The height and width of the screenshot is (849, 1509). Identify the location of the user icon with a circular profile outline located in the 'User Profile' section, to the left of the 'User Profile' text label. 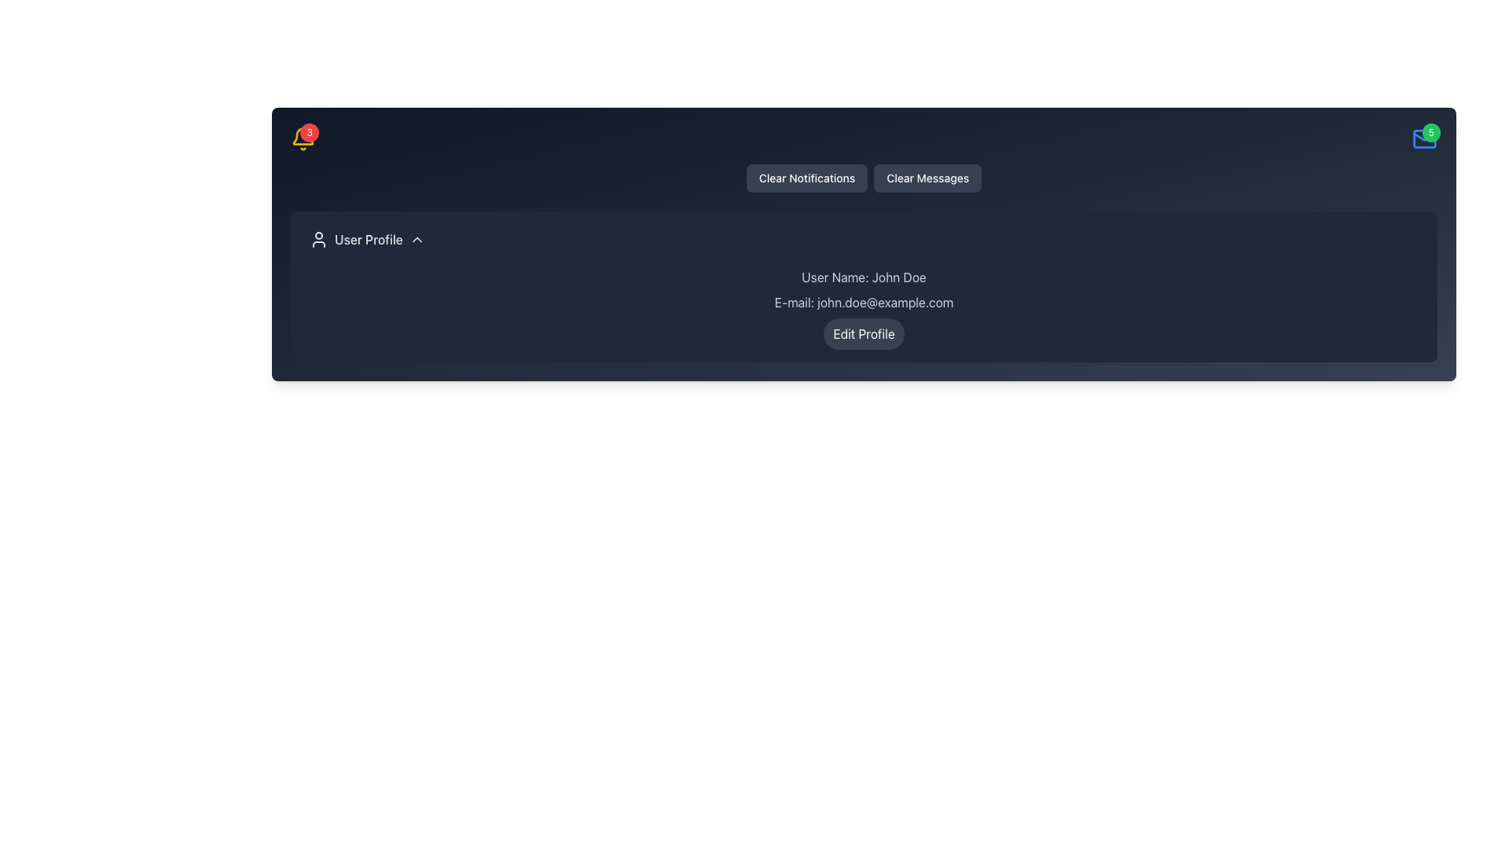
(318, 239).